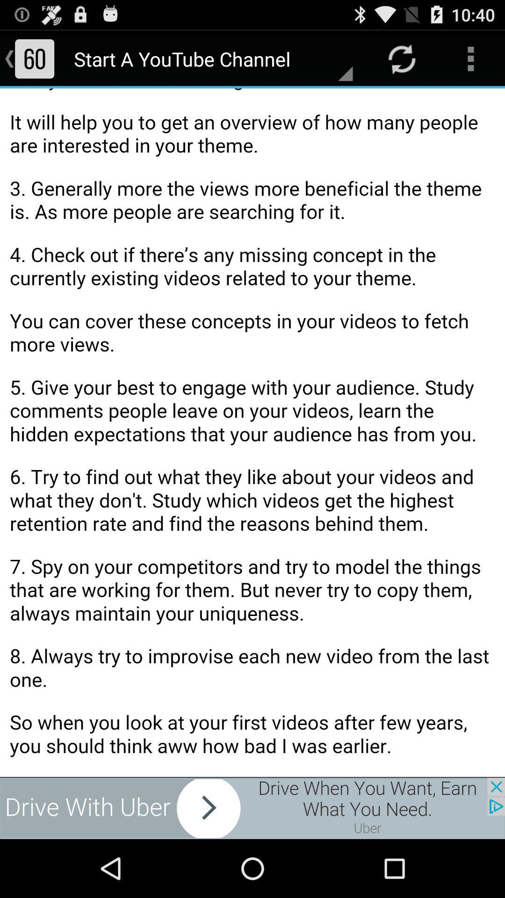 Image resolution: width=505 pixels, height=898 pixels. What do you see at coordinates (252, 808) in the screenshot?
I see `site` at bounding box center [252, 808].